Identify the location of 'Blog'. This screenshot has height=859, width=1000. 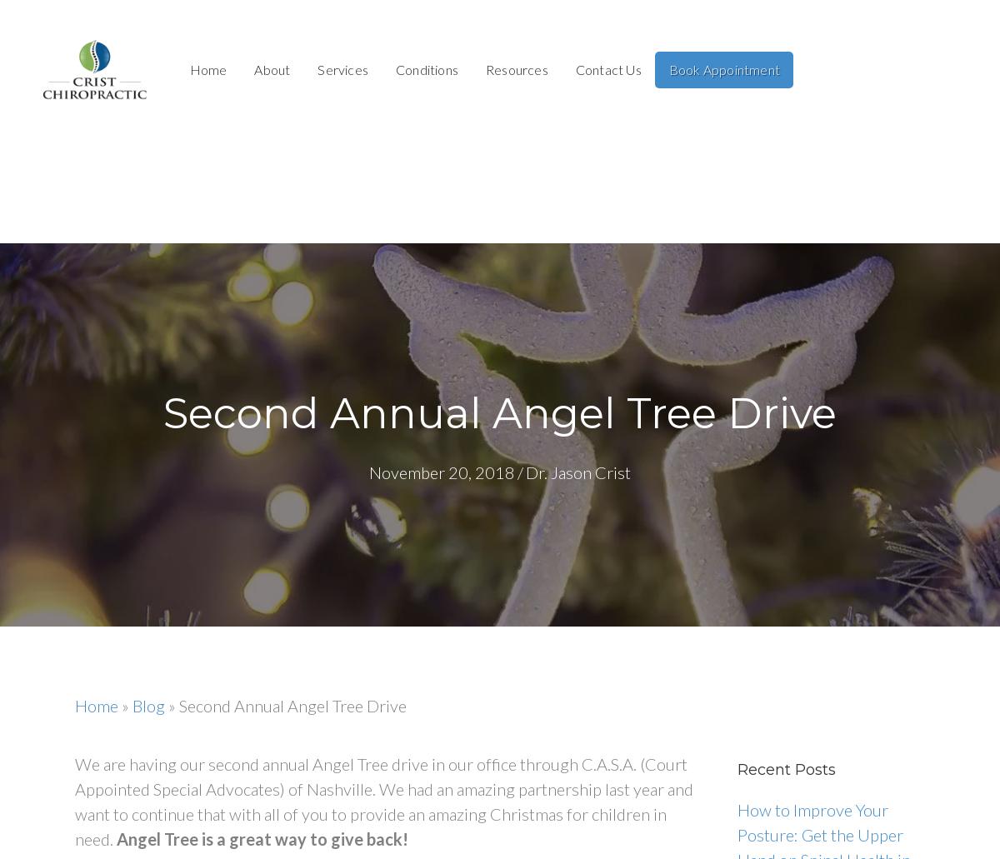
(147, 705).